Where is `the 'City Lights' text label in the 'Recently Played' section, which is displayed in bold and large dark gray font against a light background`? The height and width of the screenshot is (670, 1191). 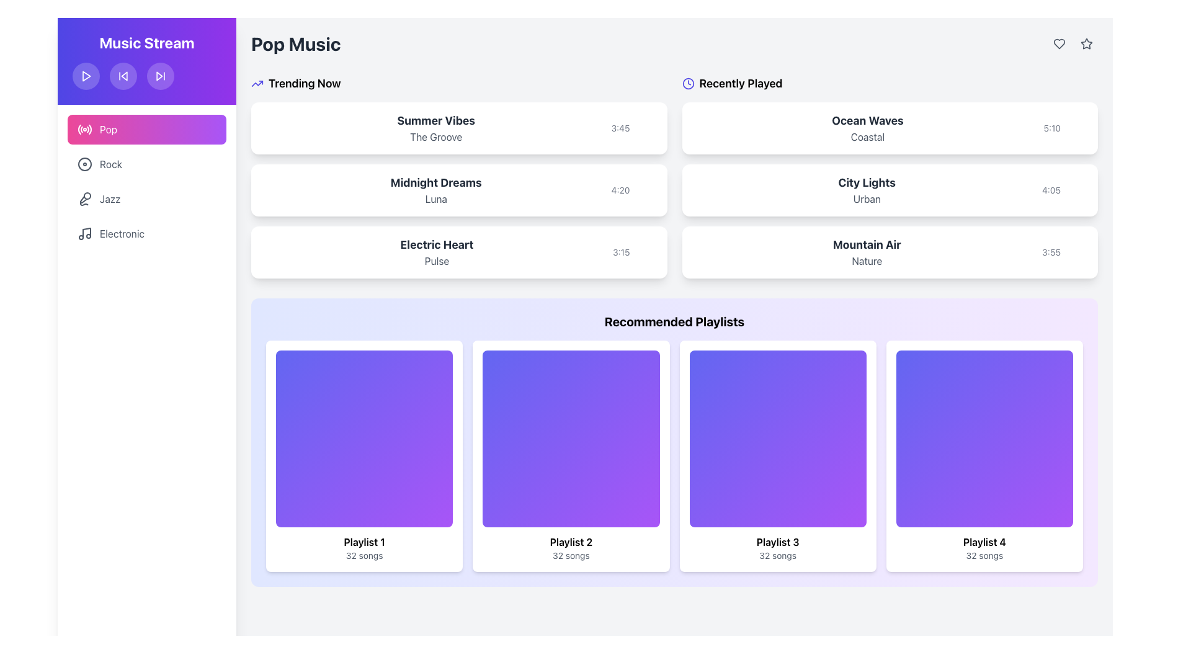 the 'City Lights' text label in the 'Recently Played' section, which is displayed in bold and large dark gray font against a light background is located at coordinates (866, 182).